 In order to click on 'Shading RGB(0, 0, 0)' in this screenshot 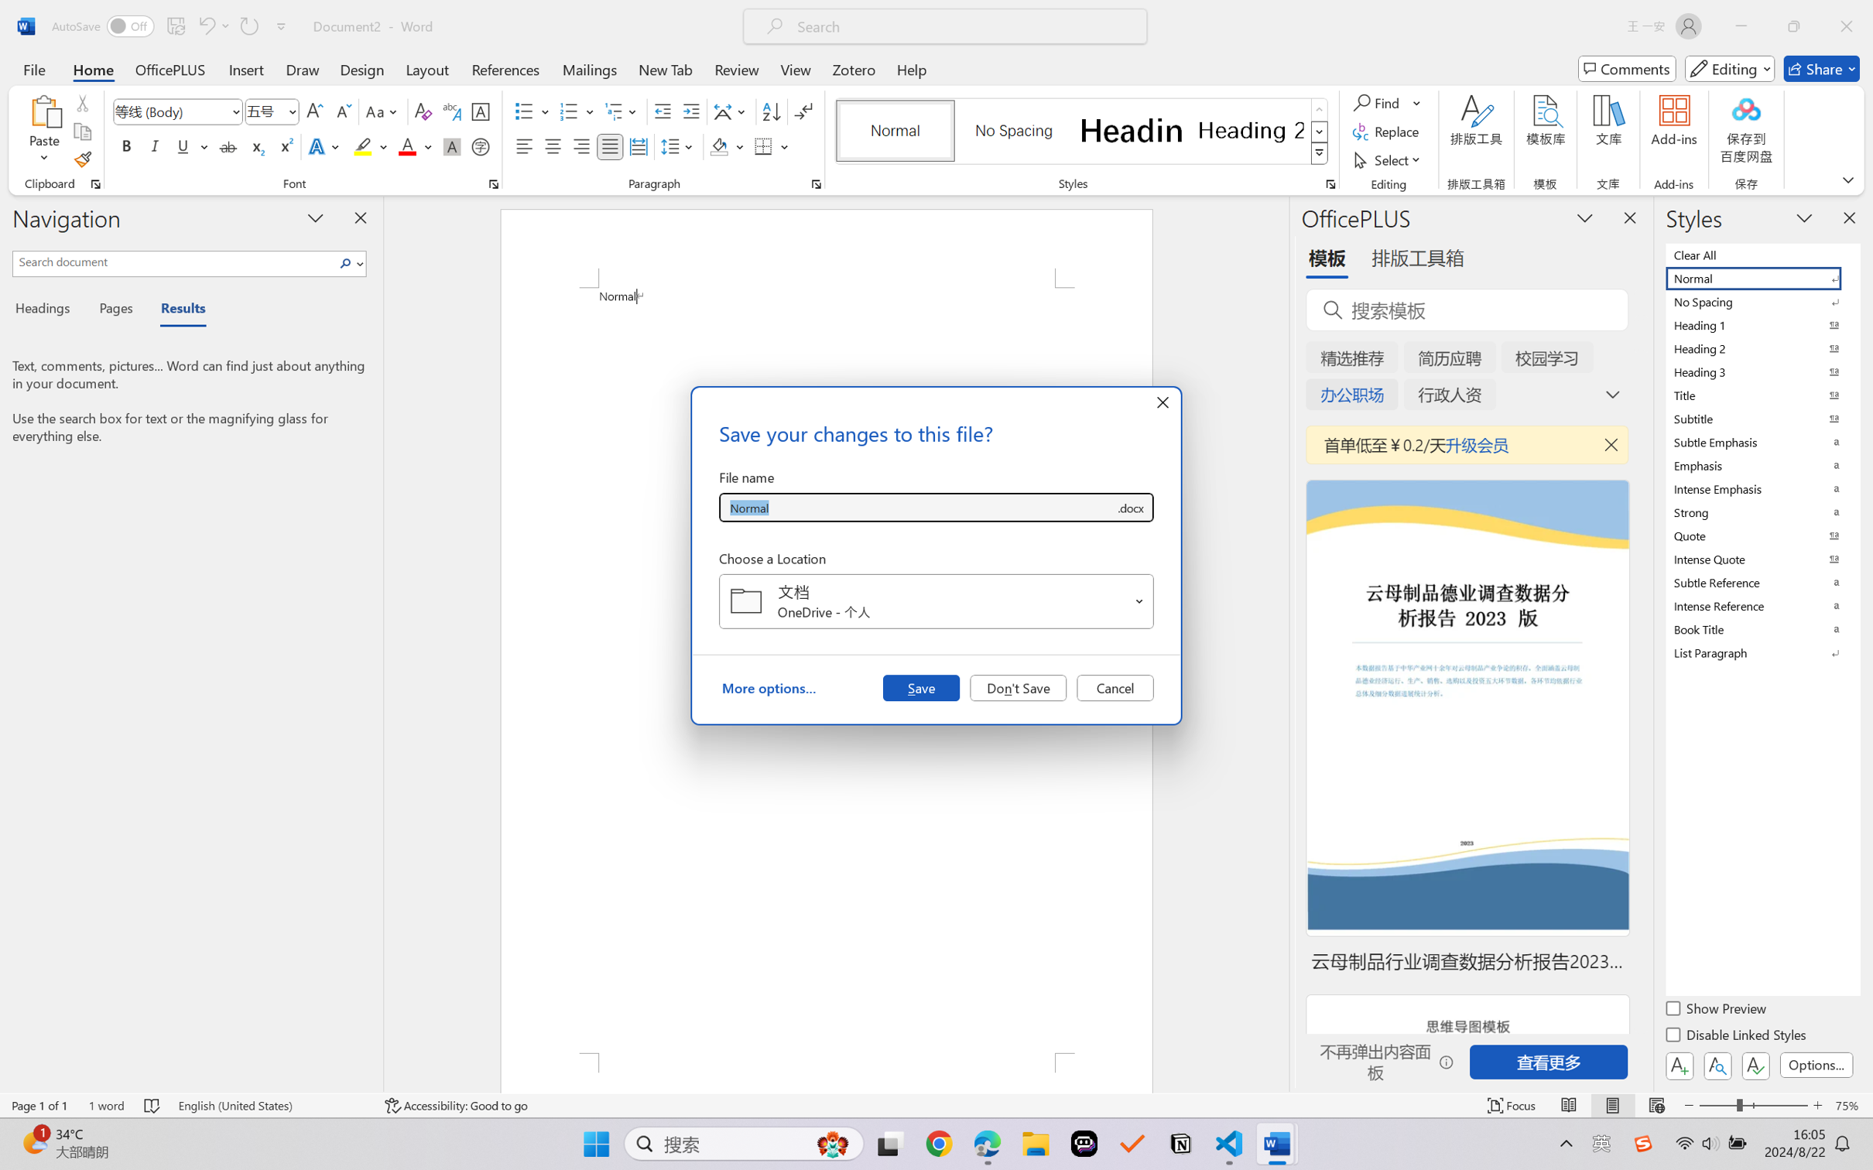, I will do `click(718, 145)`.